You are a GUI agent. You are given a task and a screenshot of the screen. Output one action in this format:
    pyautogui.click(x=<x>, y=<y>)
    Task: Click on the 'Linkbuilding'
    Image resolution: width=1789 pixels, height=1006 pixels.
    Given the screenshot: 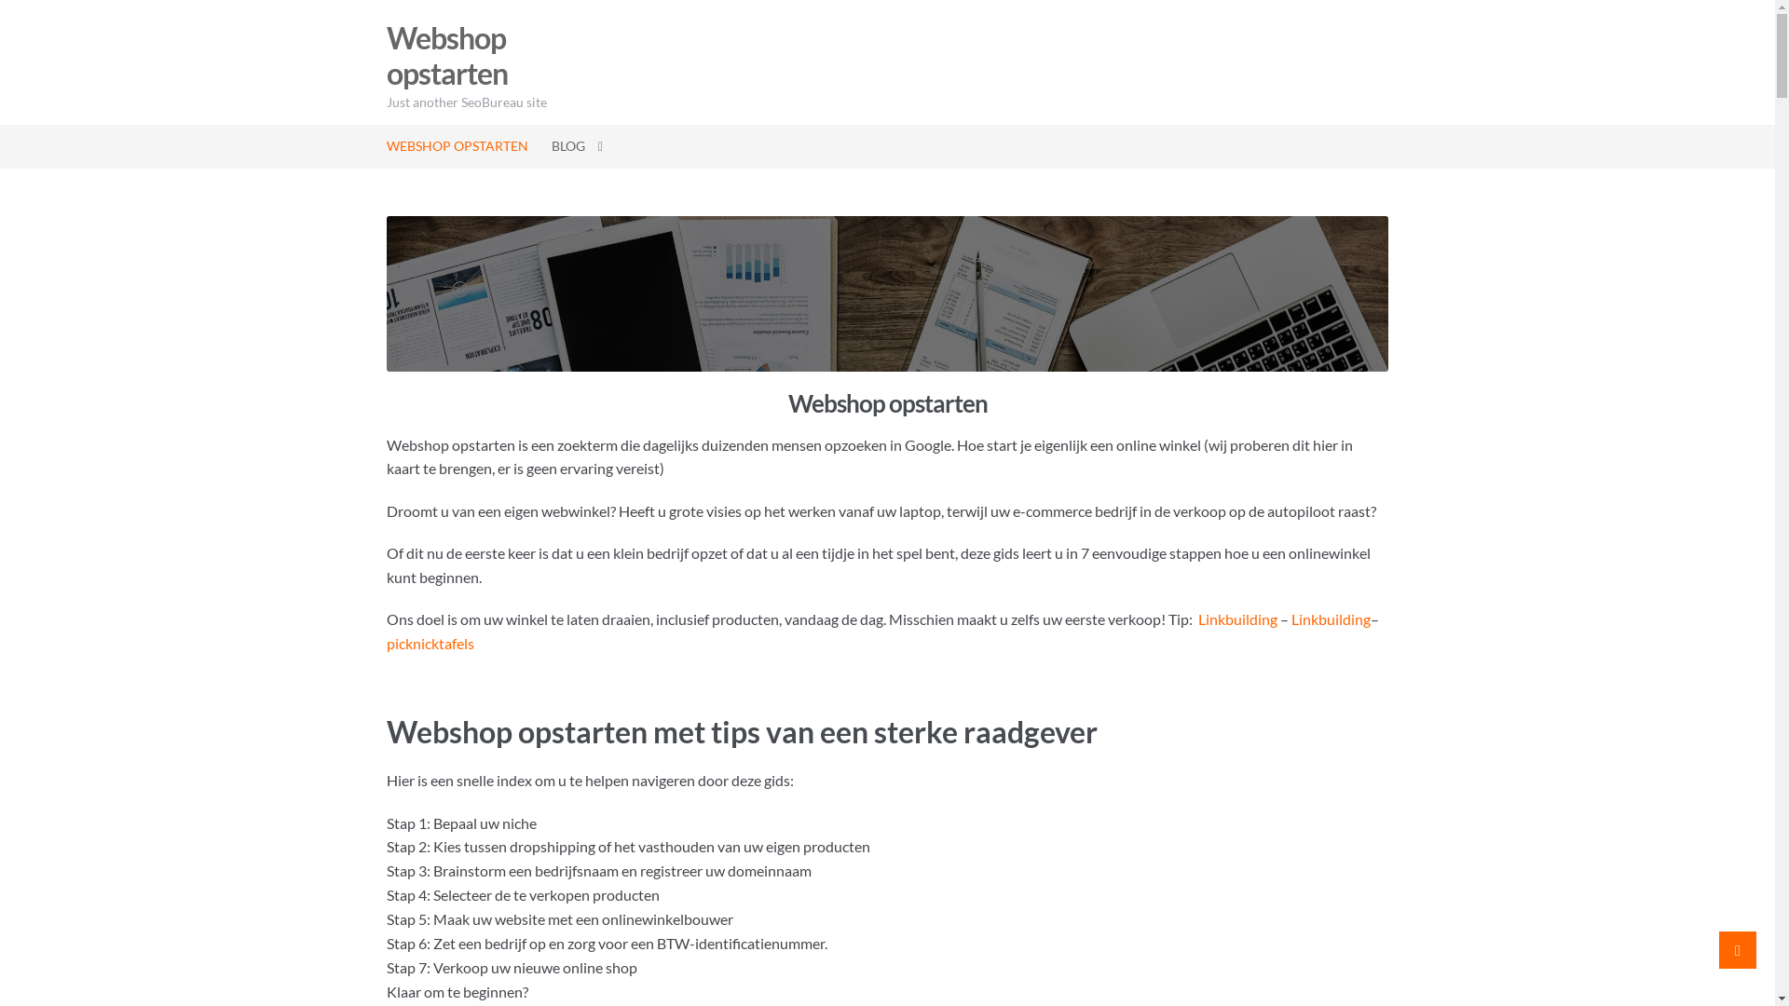 What is the action you would take?
    pyautogui.click(x=1237, y=619)
    